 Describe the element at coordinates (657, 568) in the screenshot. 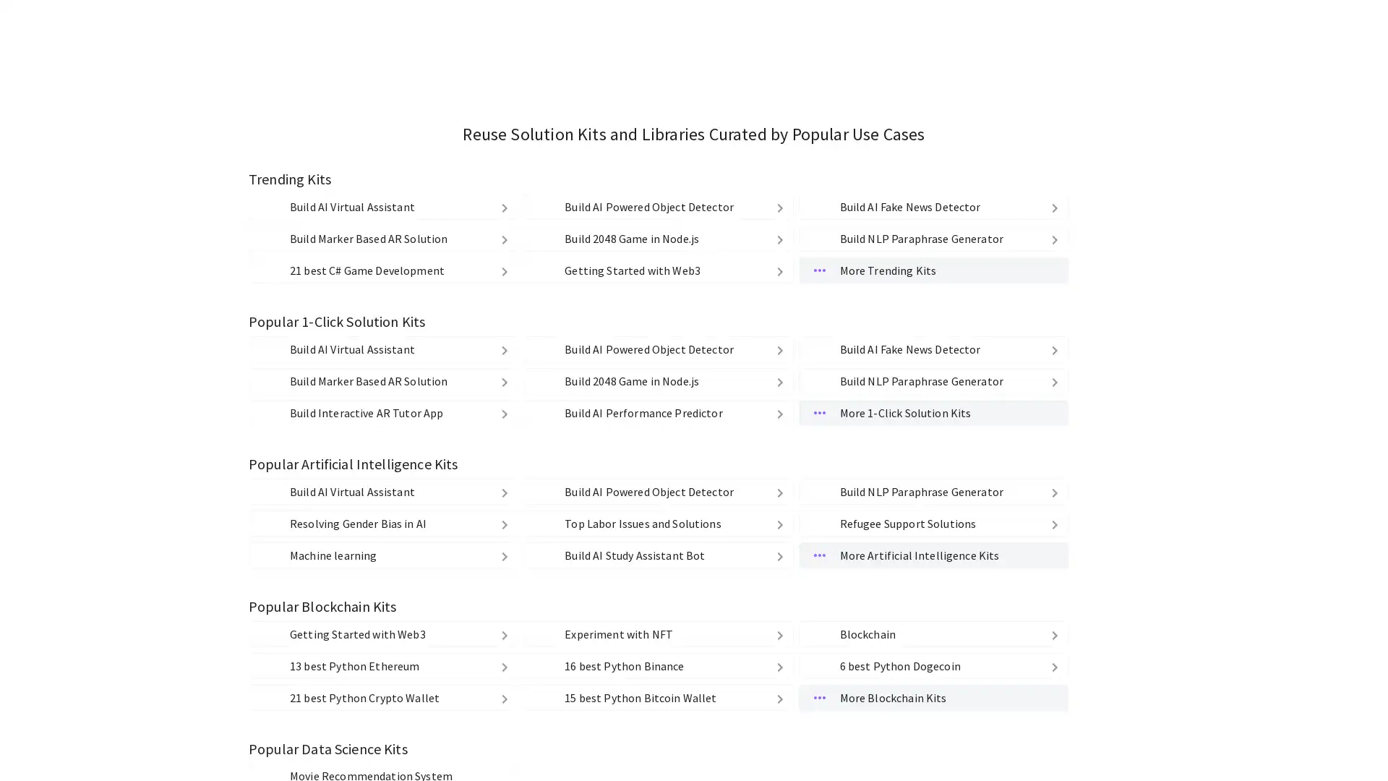

I see `object-detection-kit Build AI Powered Object Detector` at that location.